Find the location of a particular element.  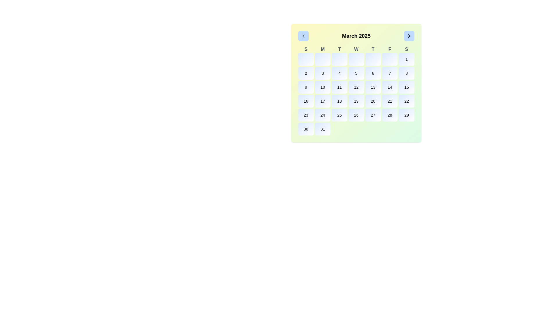

the static text label indicating 'Friday' in the weekly header row of the calendar interface is located at coordinates (390, 49).